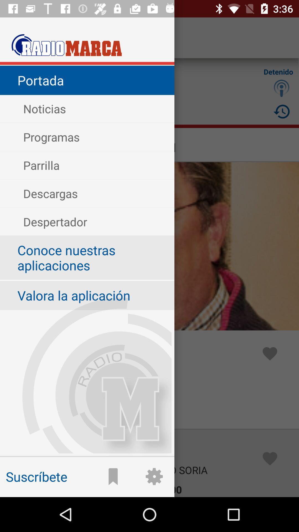  What do you see at coordinates (282, 111) in the screenshot?
I see `the history icon` at bounding box center [282, 111].